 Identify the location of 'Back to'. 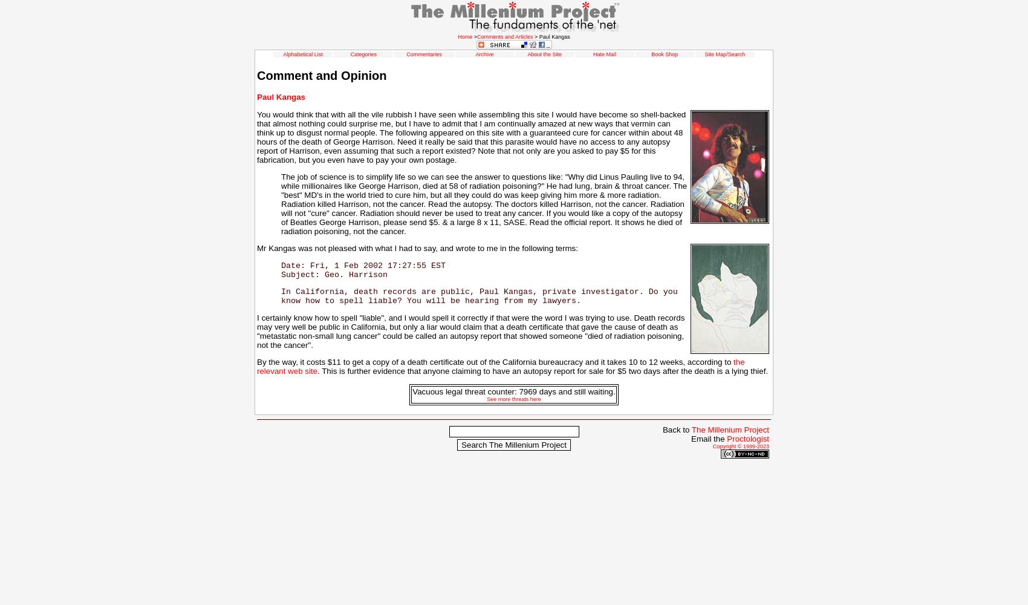
(676, 429).